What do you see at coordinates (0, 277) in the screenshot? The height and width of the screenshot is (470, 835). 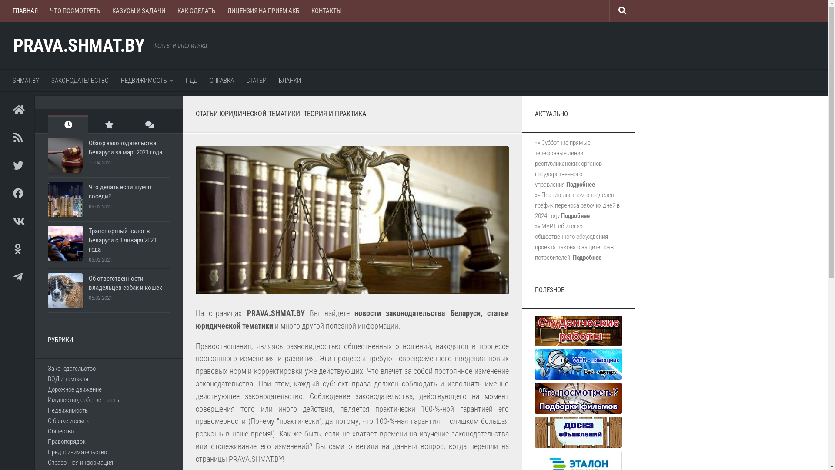 I see `'Telegram'` at bounding box center [0, 277].